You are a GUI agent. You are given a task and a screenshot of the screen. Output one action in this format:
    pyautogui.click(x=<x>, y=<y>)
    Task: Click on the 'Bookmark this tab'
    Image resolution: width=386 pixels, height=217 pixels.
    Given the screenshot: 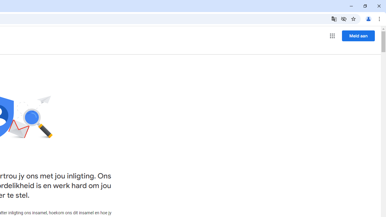 What is the action you would take?
    pyautogui.click(x=353, y=18)
    